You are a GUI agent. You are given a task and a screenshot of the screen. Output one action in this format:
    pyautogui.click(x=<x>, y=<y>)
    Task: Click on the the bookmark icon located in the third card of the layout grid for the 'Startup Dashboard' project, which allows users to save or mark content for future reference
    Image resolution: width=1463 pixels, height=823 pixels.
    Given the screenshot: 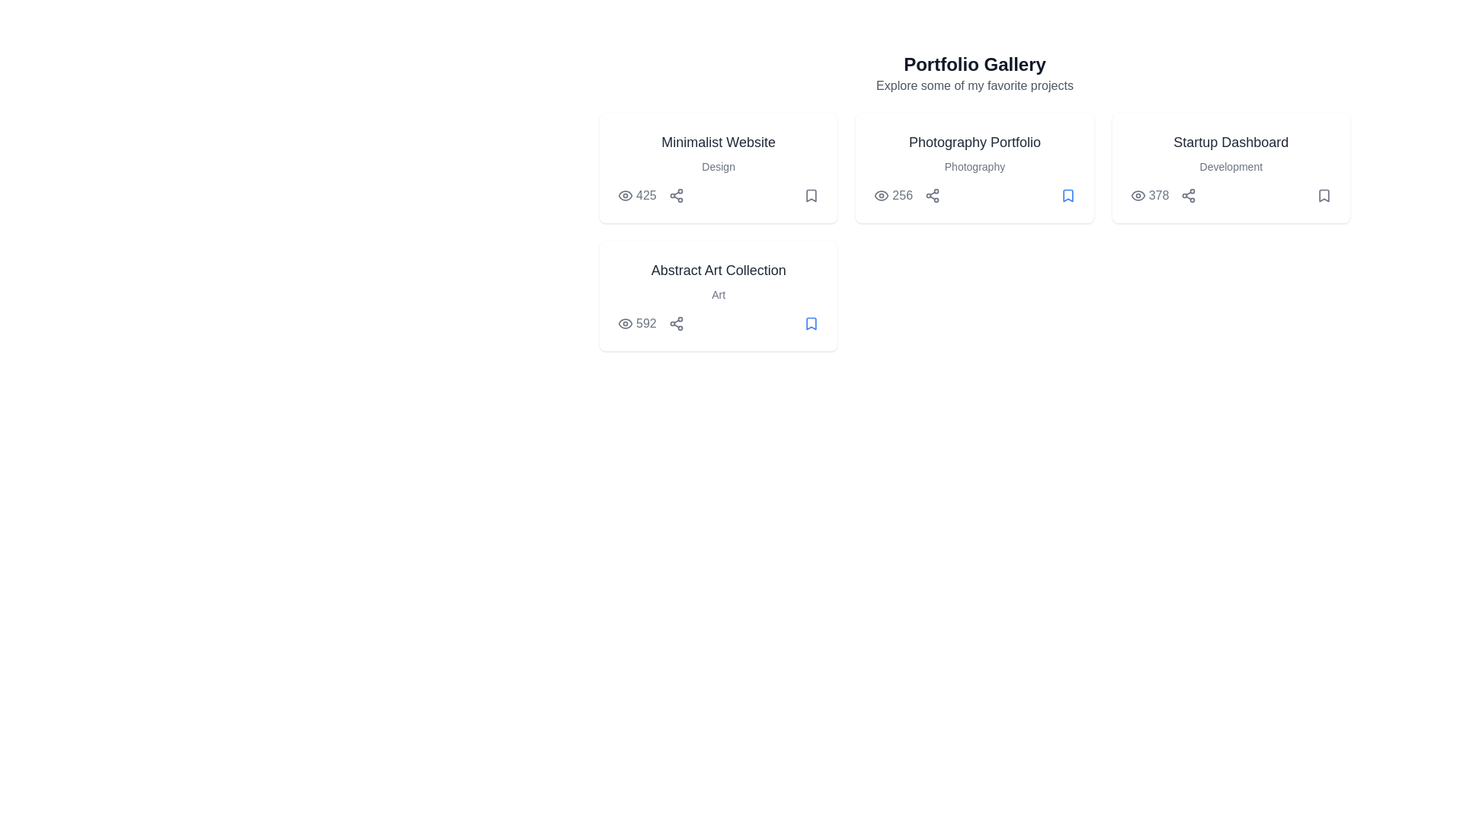 What is the action you would take?
    pyautogui.click(x=1323, y=195)
    